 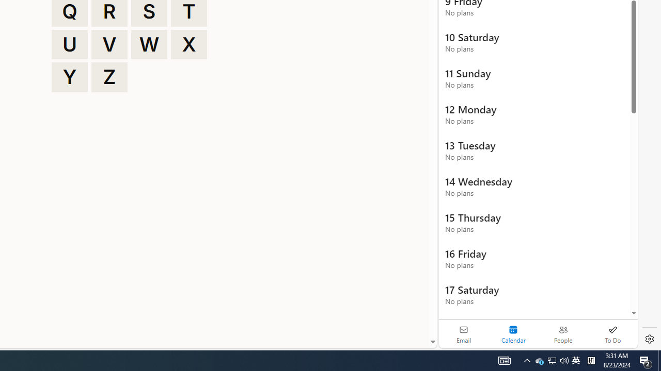 I want to click on 'X', so click(x=189, y=44).